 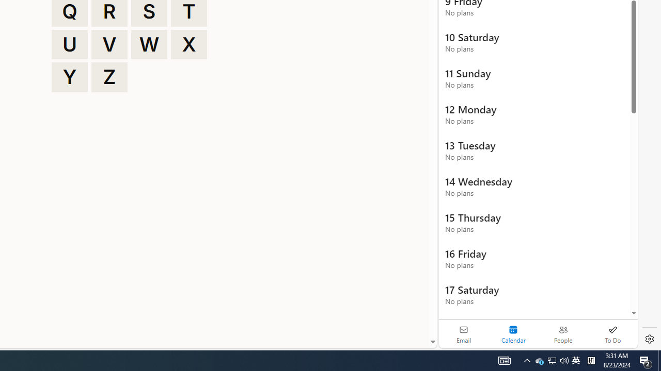 I want to click on 'X', so click(x=189, y=44).